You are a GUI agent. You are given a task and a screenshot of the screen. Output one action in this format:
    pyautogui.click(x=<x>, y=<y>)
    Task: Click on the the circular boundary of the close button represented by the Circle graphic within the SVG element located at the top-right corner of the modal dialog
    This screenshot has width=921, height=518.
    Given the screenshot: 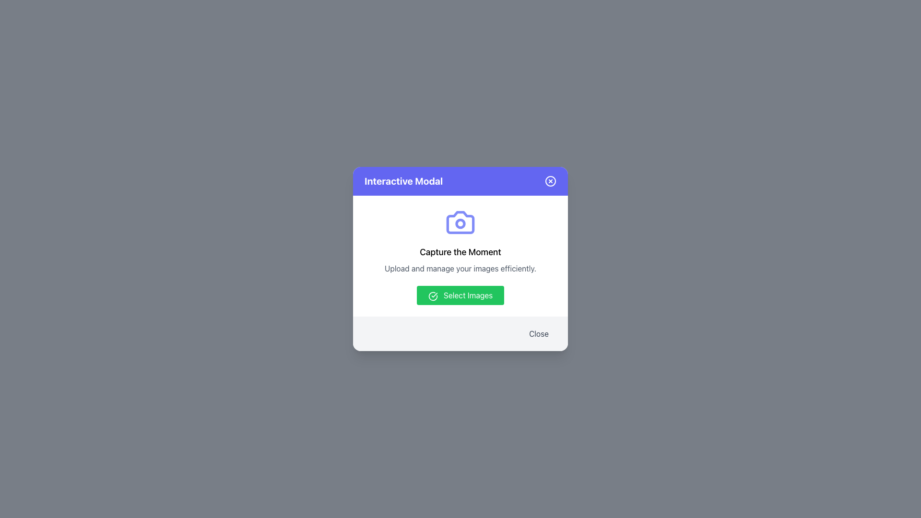 What is the action you would take?
    pyautogui.click(x=550, y=181)
    